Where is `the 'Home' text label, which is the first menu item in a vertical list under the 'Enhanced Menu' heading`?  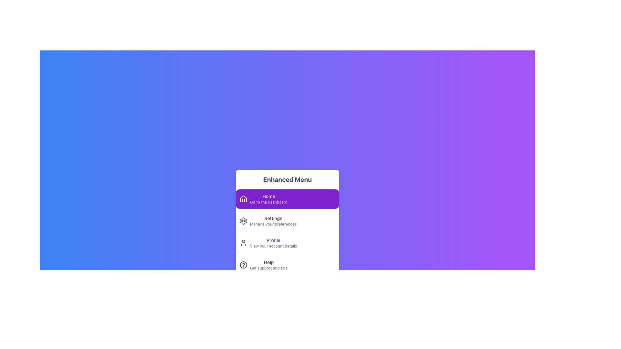
the 'Home' text label, which is the first menu item in a vertical list under the 'Enhanced Menu' heading is located at coordinates (268, 199).